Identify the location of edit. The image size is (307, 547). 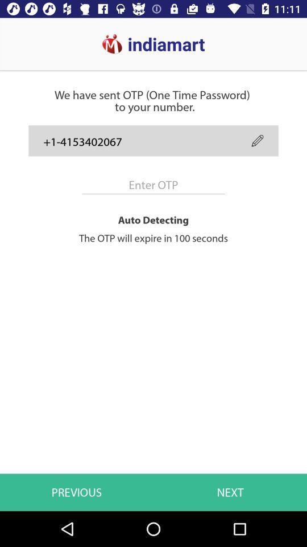
(258, 140).